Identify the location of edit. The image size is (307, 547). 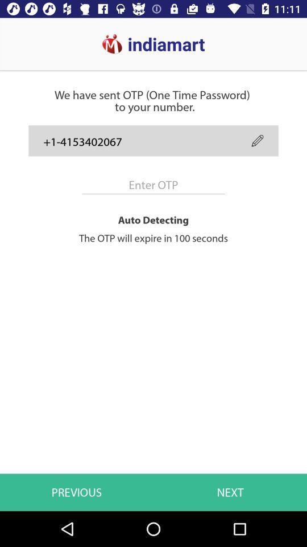
(258, 140).